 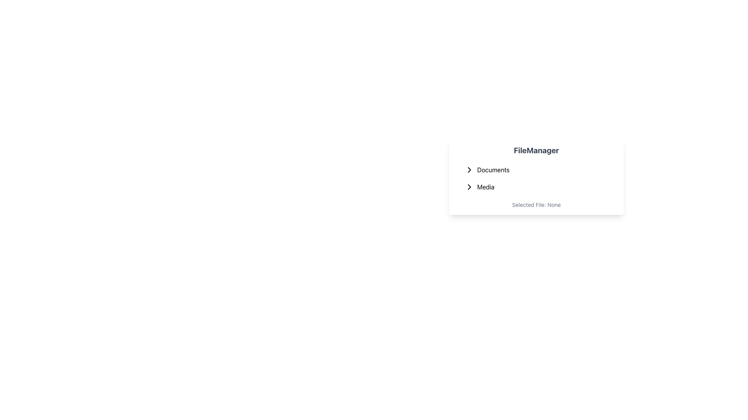 What do you see at coordinates (469, 187) in the screenshot?
I see `the Chevron icon next to the 'Media' text` at bounding box center [469, 187].